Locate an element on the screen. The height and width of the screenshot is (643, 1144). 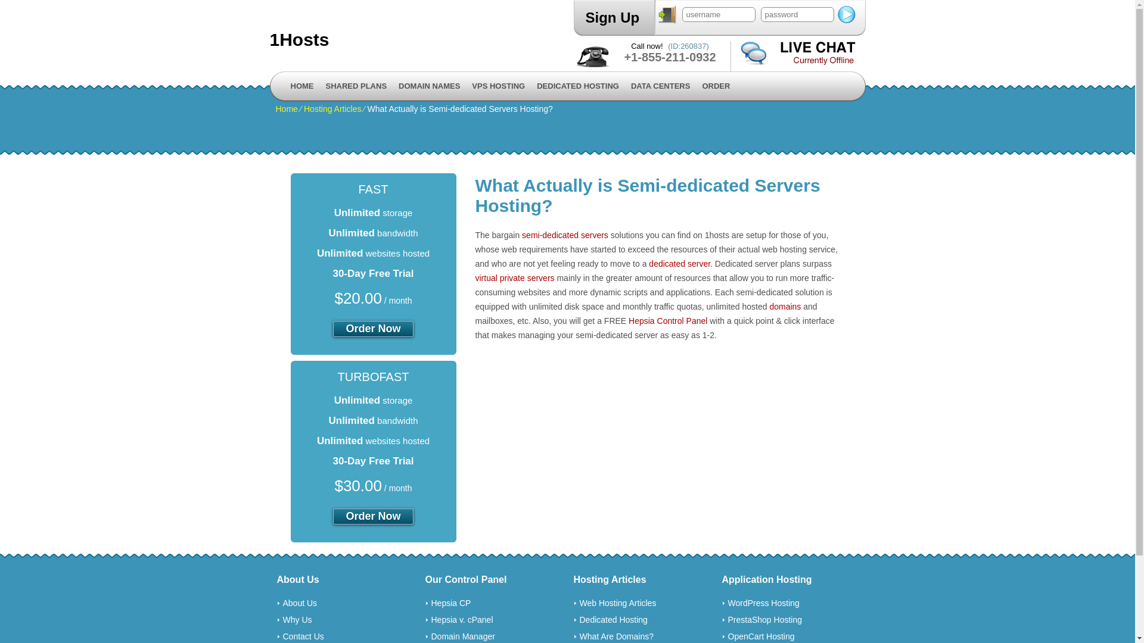
'DATA CENTERS' is located at coordinates (660, 86).